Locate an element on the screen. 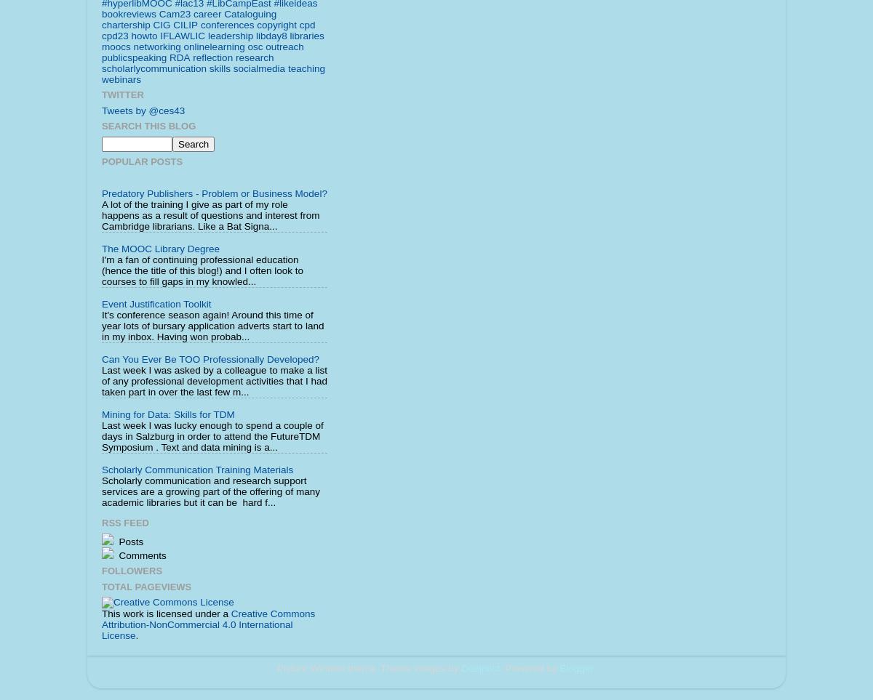  'networking' is located at coordinates (156, 46).